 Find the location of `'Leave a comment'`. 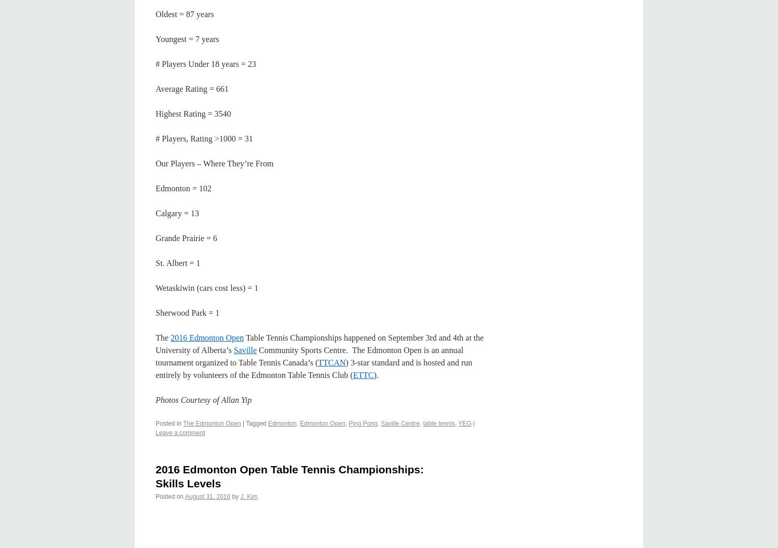

'Leave a comment' is located at coordinates (179, 431).